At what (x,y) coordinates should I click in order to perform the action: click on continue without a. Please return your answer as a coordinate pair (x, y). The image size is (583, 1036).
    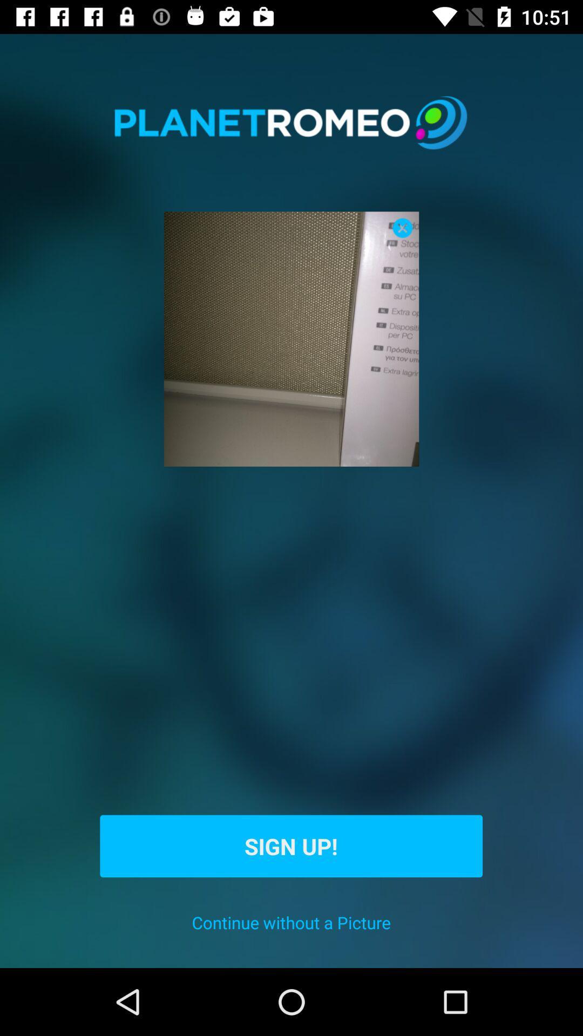
    Looking at the image, I should click on (290, 922).